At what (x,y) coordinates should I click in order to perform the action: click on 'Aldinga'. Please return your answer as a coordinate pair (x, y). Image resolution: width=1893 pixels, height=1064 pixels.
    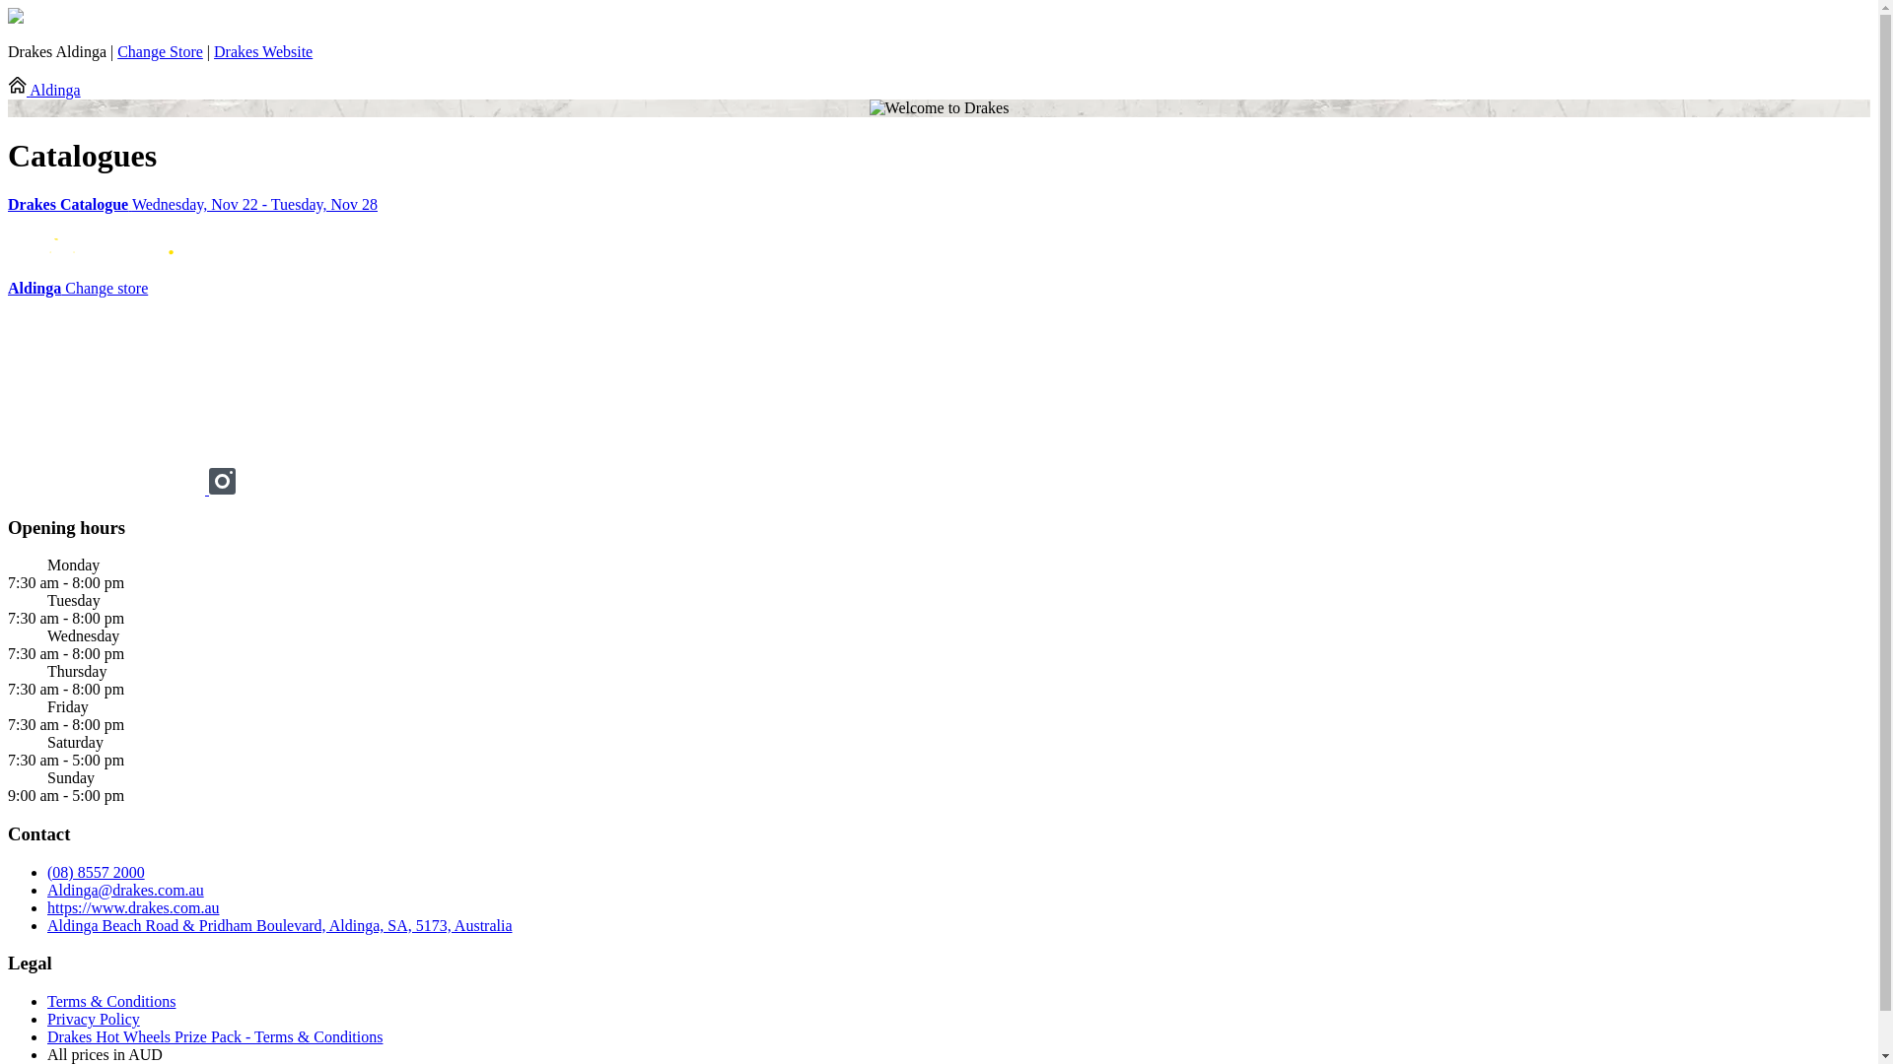
    Looking at the image, I should click on (43, 90).